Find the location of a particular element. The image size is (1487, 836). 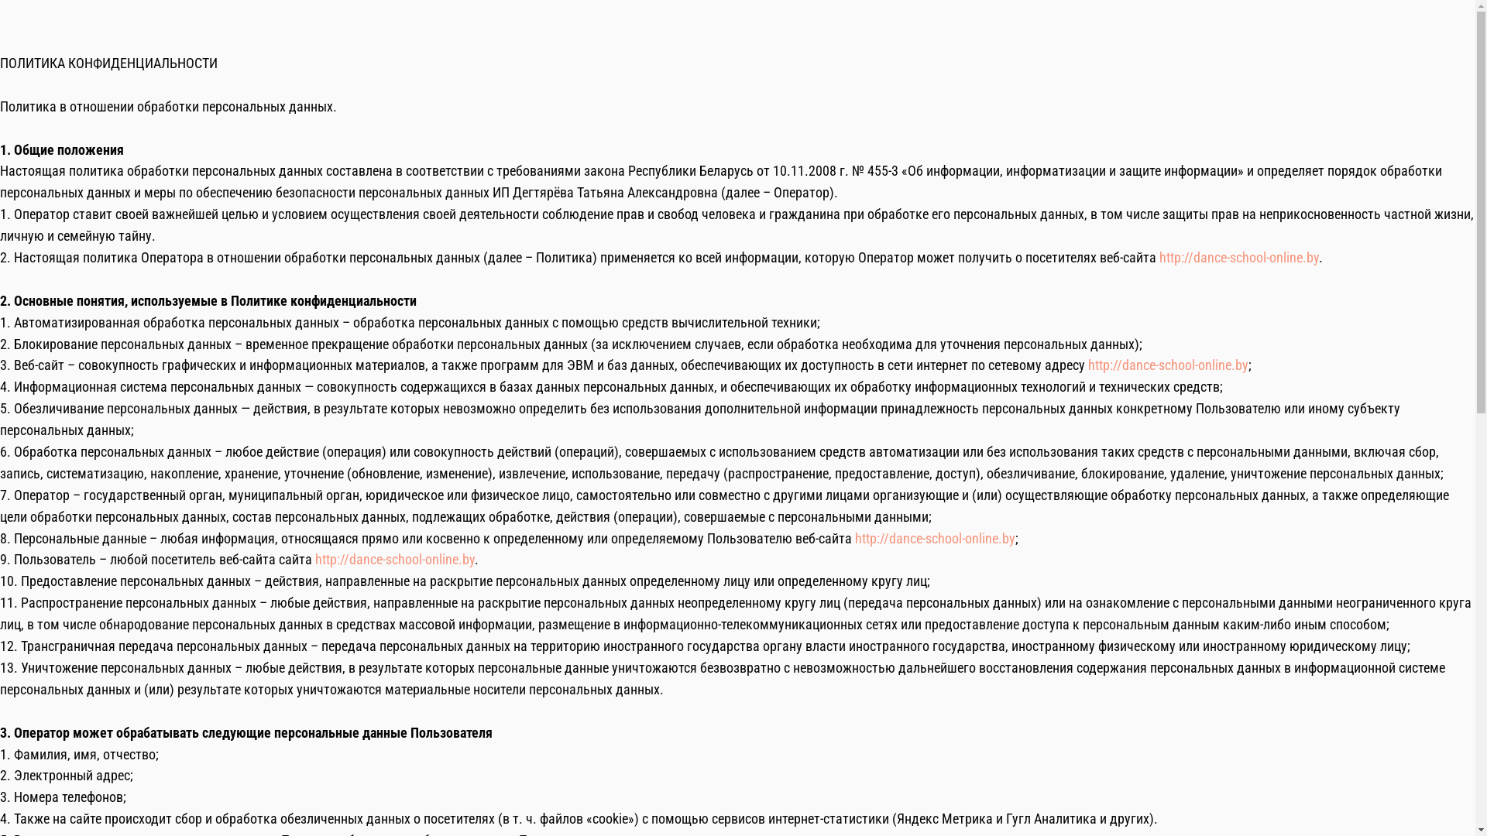

'http://dance-school-online.by' is located at coordinates (854, 537).